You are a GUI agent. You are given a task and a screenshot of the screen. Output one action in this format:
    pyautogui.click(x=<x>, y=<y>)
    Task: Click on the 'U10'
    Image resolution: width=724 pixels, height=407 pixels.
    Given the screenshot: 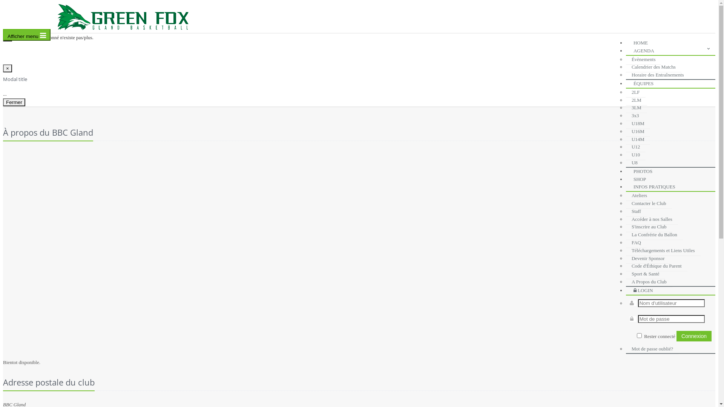 What is the action you would take?
    pyautogui.click(x=635, y=155)
    